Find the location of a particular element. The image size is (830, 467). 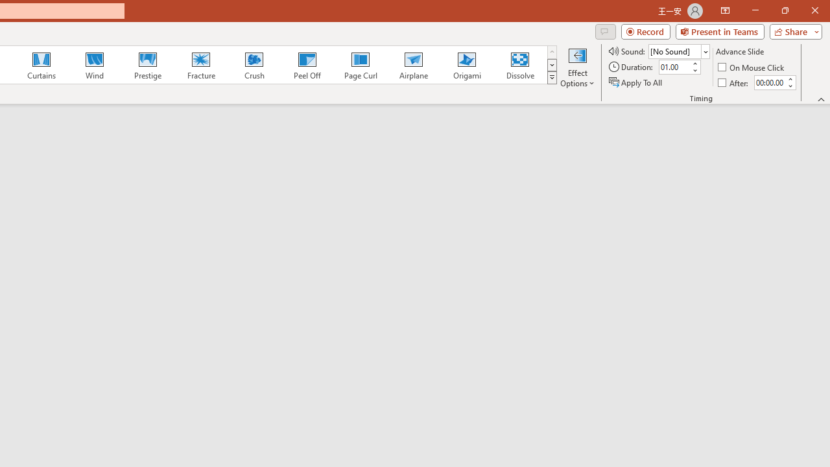

'Page Curl' is located at coordinates (360, 65).